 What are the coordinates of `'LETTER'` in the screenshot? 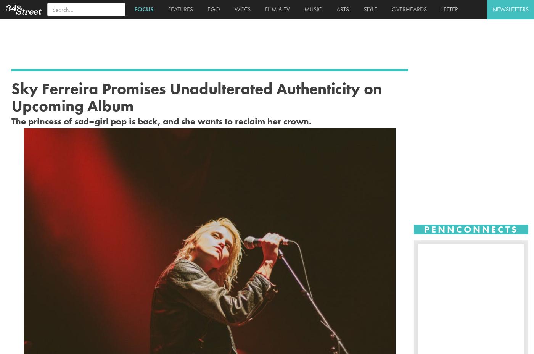 It's located at (448, 9).